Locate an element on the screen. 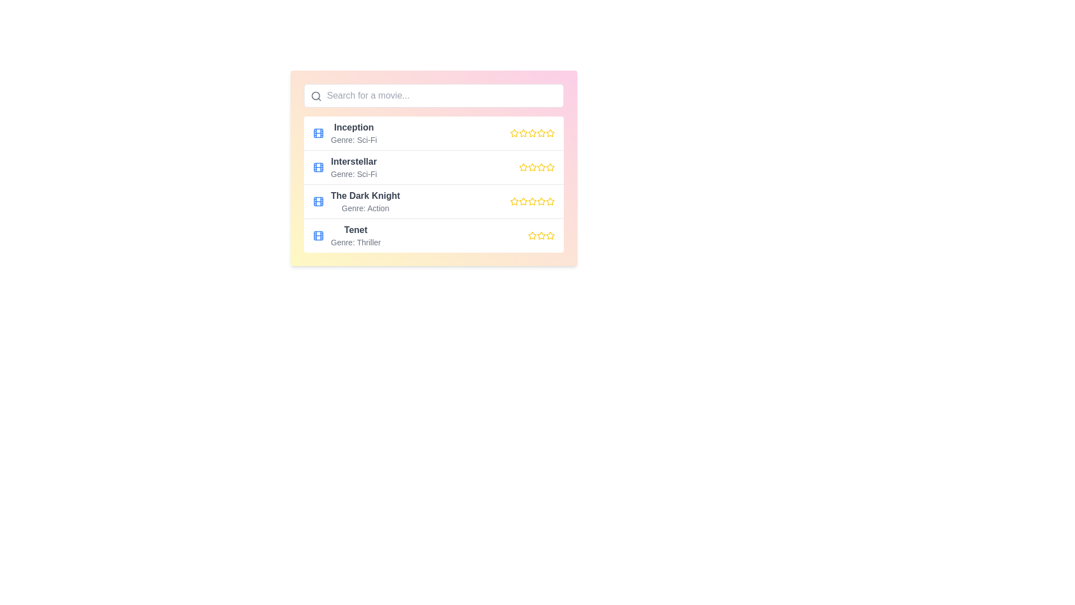 The width and height of the screenshot is (1075, 605). the third star rating icon from the left in the movie 'The Dark Knight' rating section, which is a yellow filled star with a thin outline is located at coordinates (523, 201).